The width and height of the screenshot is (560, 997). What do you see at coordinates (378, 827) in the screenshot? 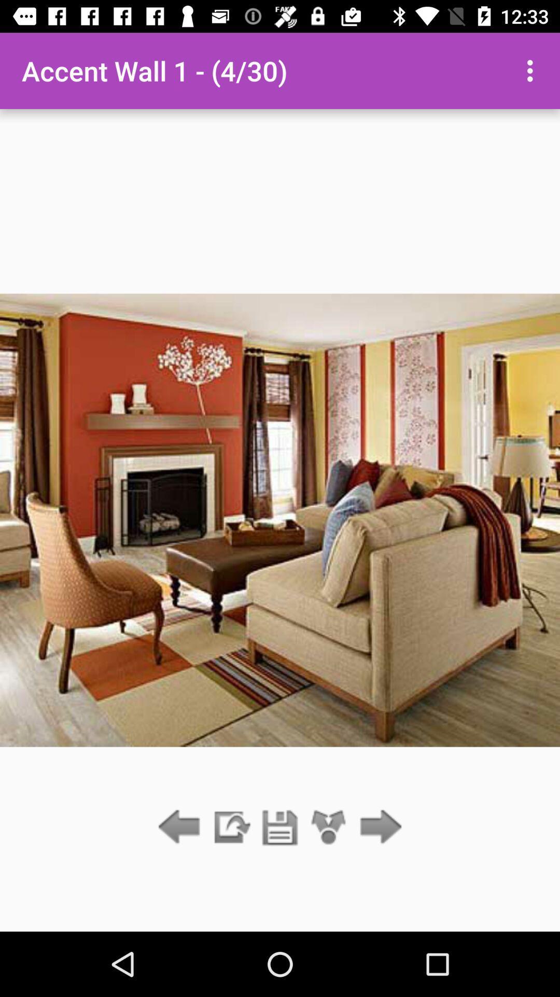
I see `the arrow_forward icon` at bounding box center [378, 827].